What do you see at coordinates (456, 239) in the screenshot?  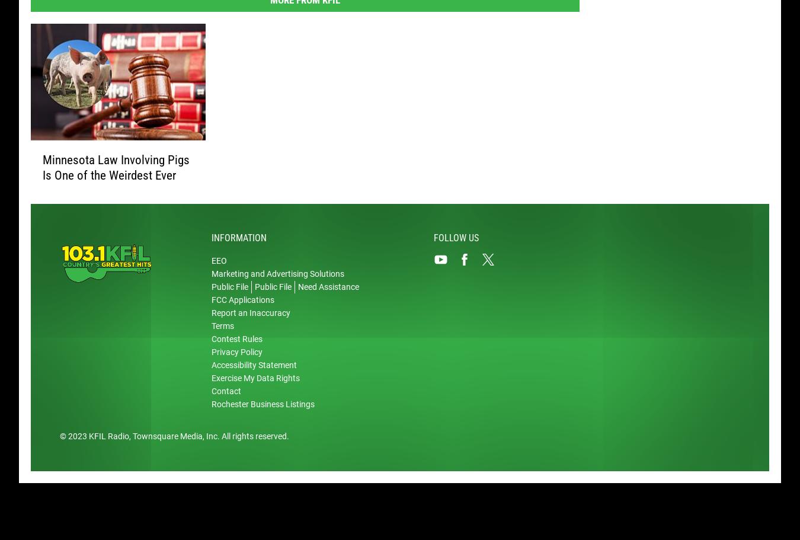 I see `'Follow Us'` at bounding box center [456, 239].